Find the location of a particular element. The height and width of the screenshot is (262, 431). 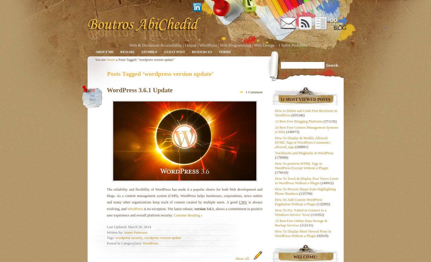

'Continue Reading »' is located at coordinates (187, 215).